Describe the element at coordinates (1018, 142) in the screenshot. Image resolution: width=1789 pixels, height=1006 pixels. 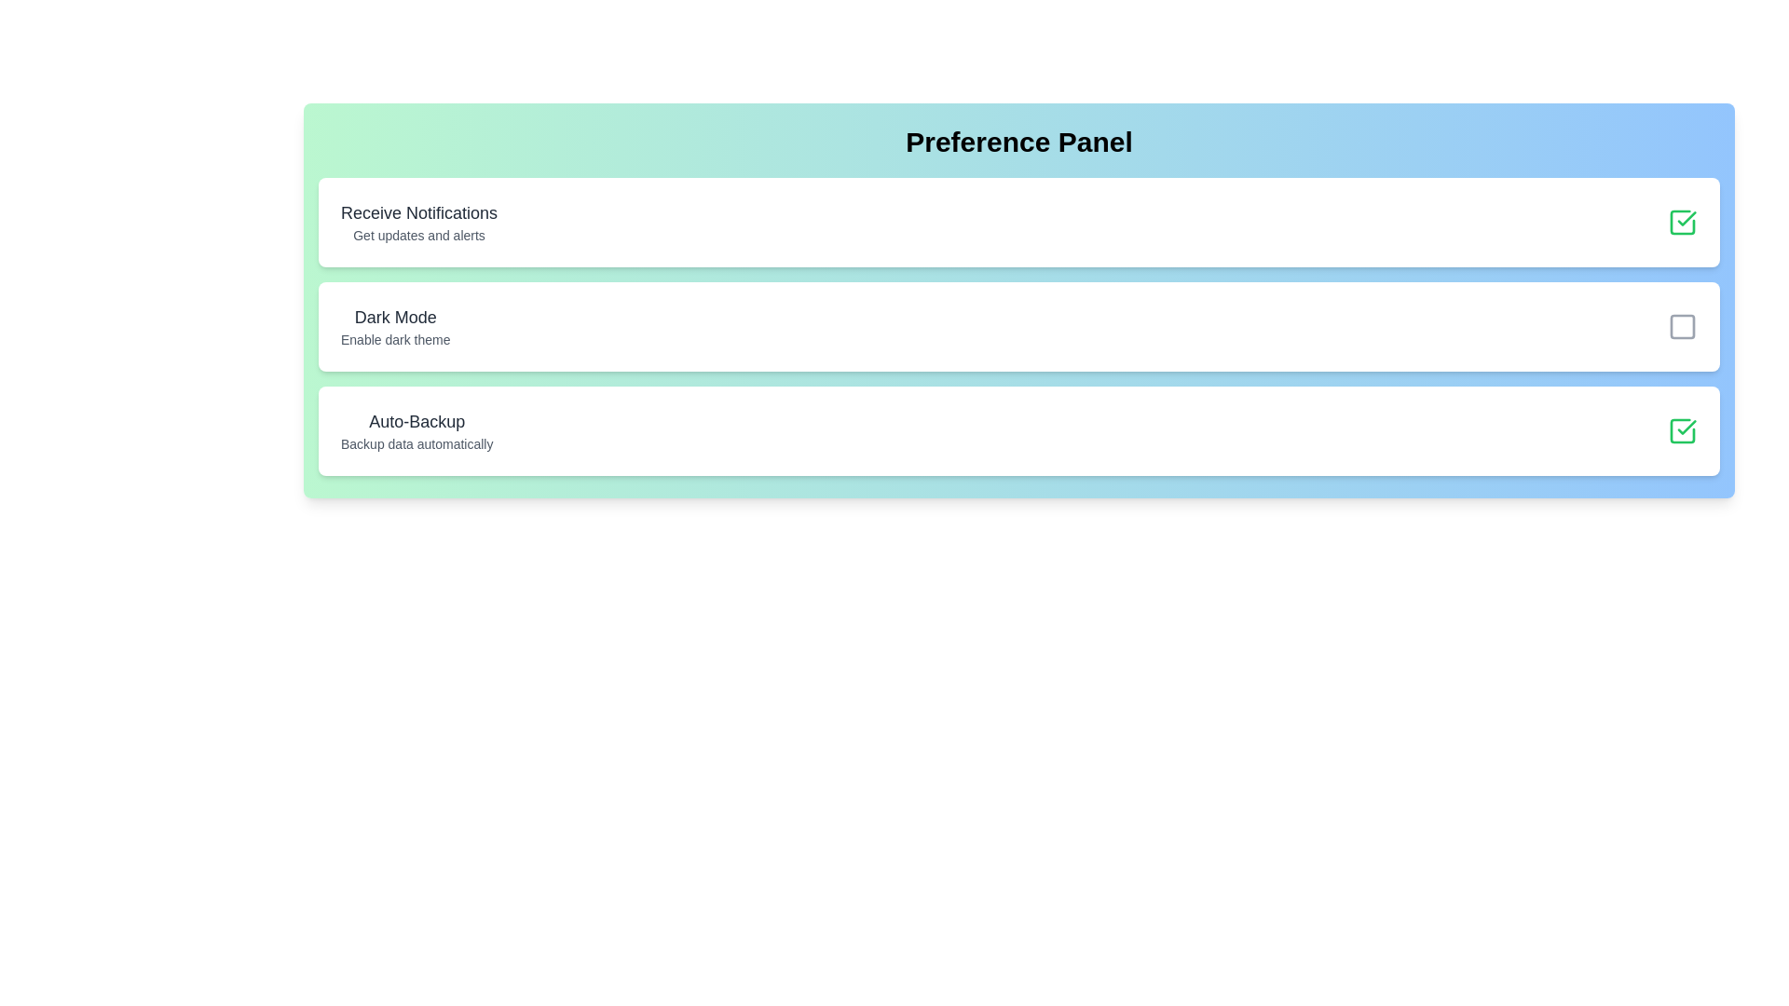
I see `the 'Preference Panel' text element, which is bold and black, centered within a gradient background transitioning from green to blue` at that location.